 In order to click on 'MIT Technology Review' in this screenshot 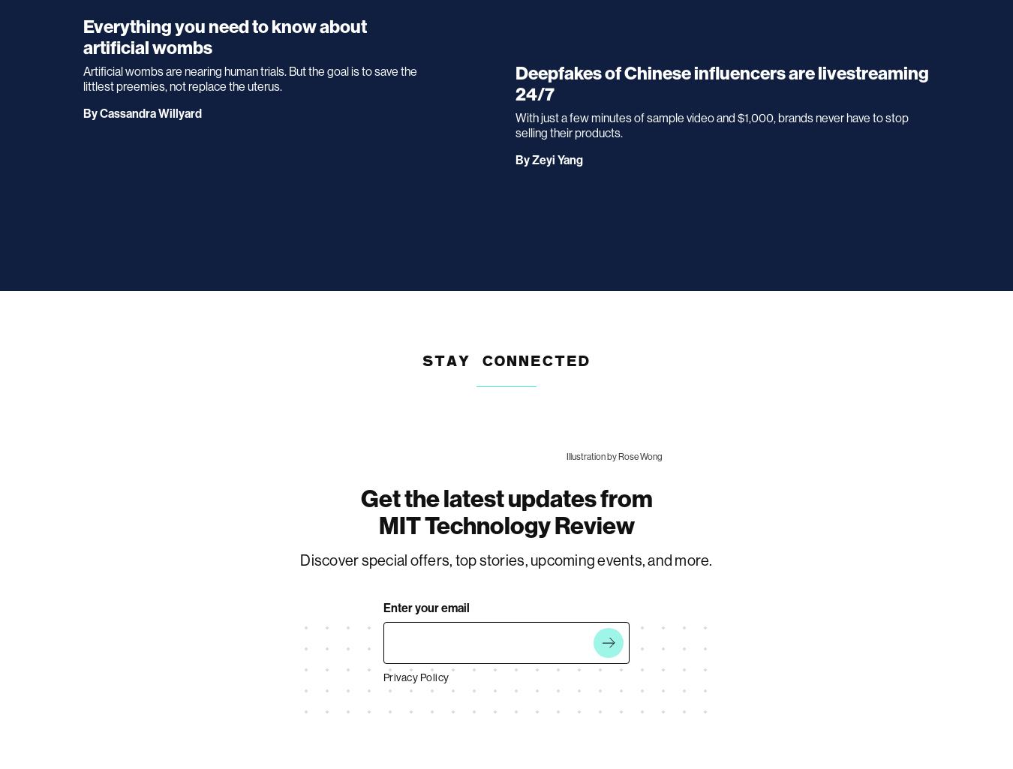, I will do `click(377, 524)`.